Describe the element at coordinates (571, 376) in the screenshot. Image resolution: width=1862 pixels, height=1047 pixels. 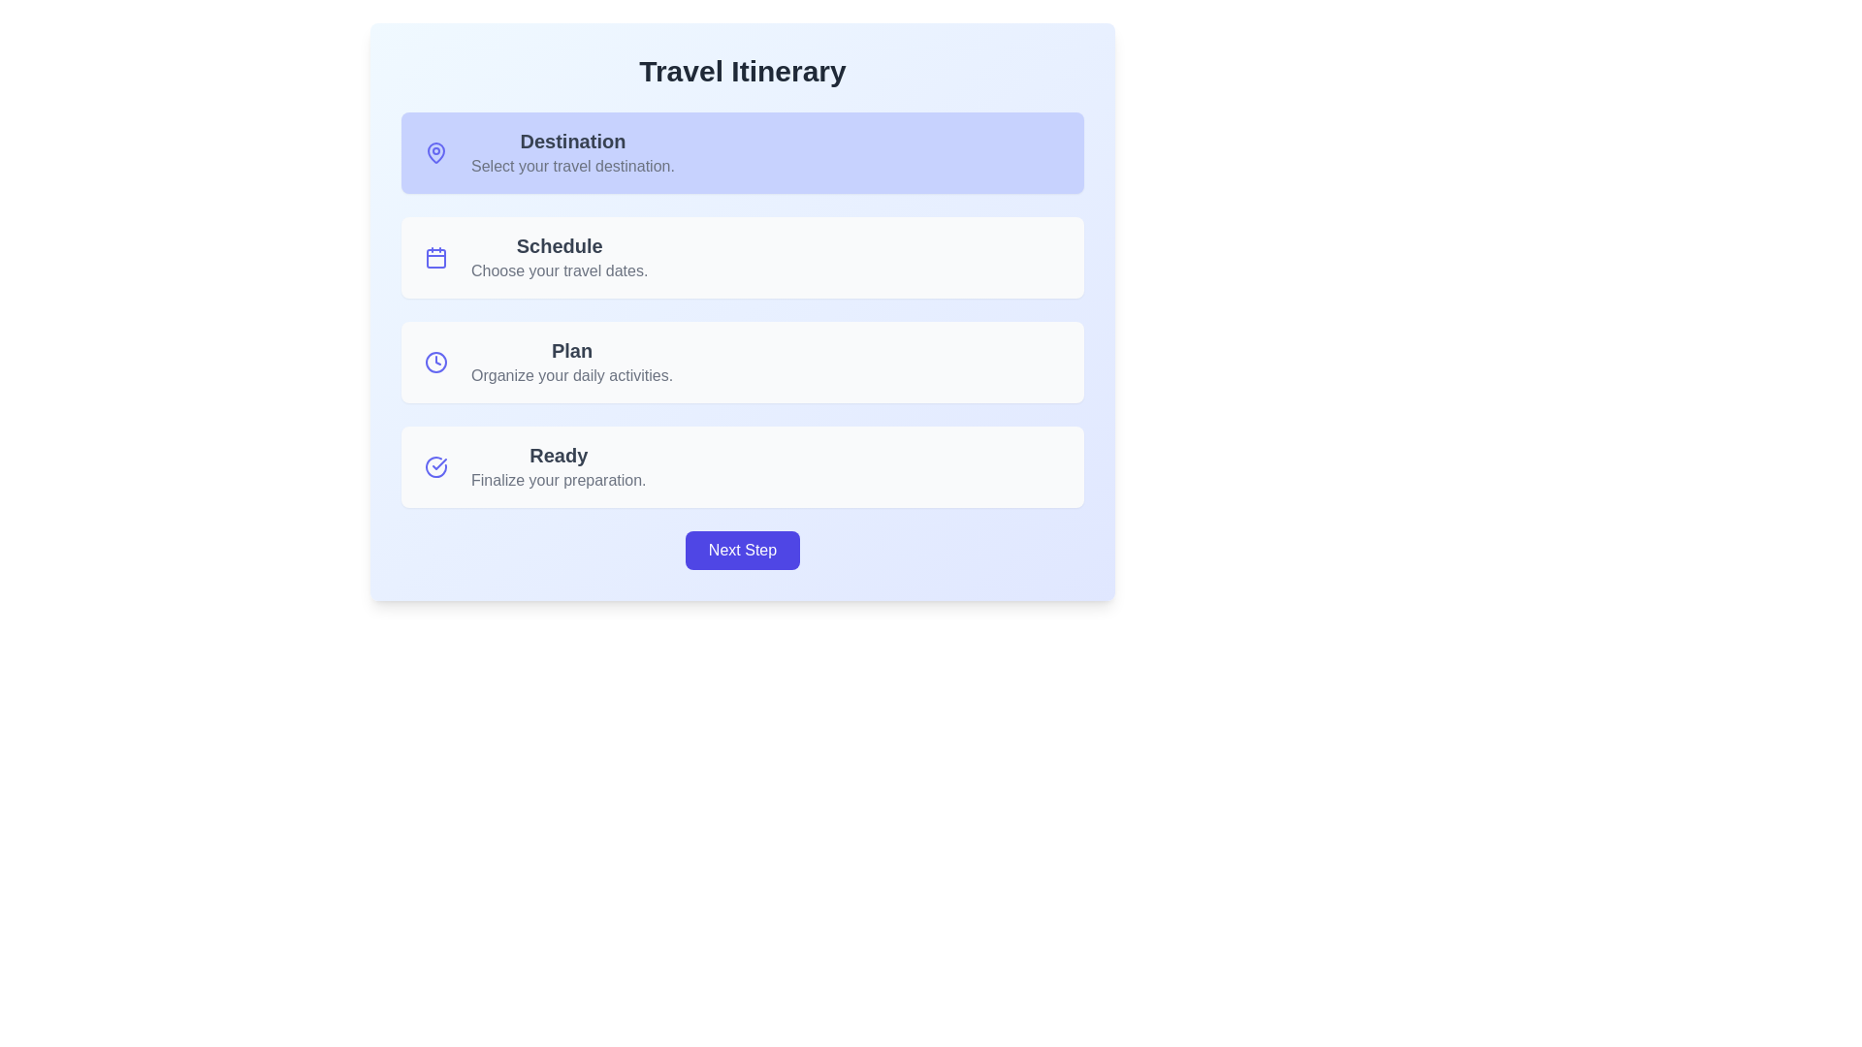
I see `Text label that contains the description 'Organize your daily activities.' positioned below the heading 'Plan'` at that location.